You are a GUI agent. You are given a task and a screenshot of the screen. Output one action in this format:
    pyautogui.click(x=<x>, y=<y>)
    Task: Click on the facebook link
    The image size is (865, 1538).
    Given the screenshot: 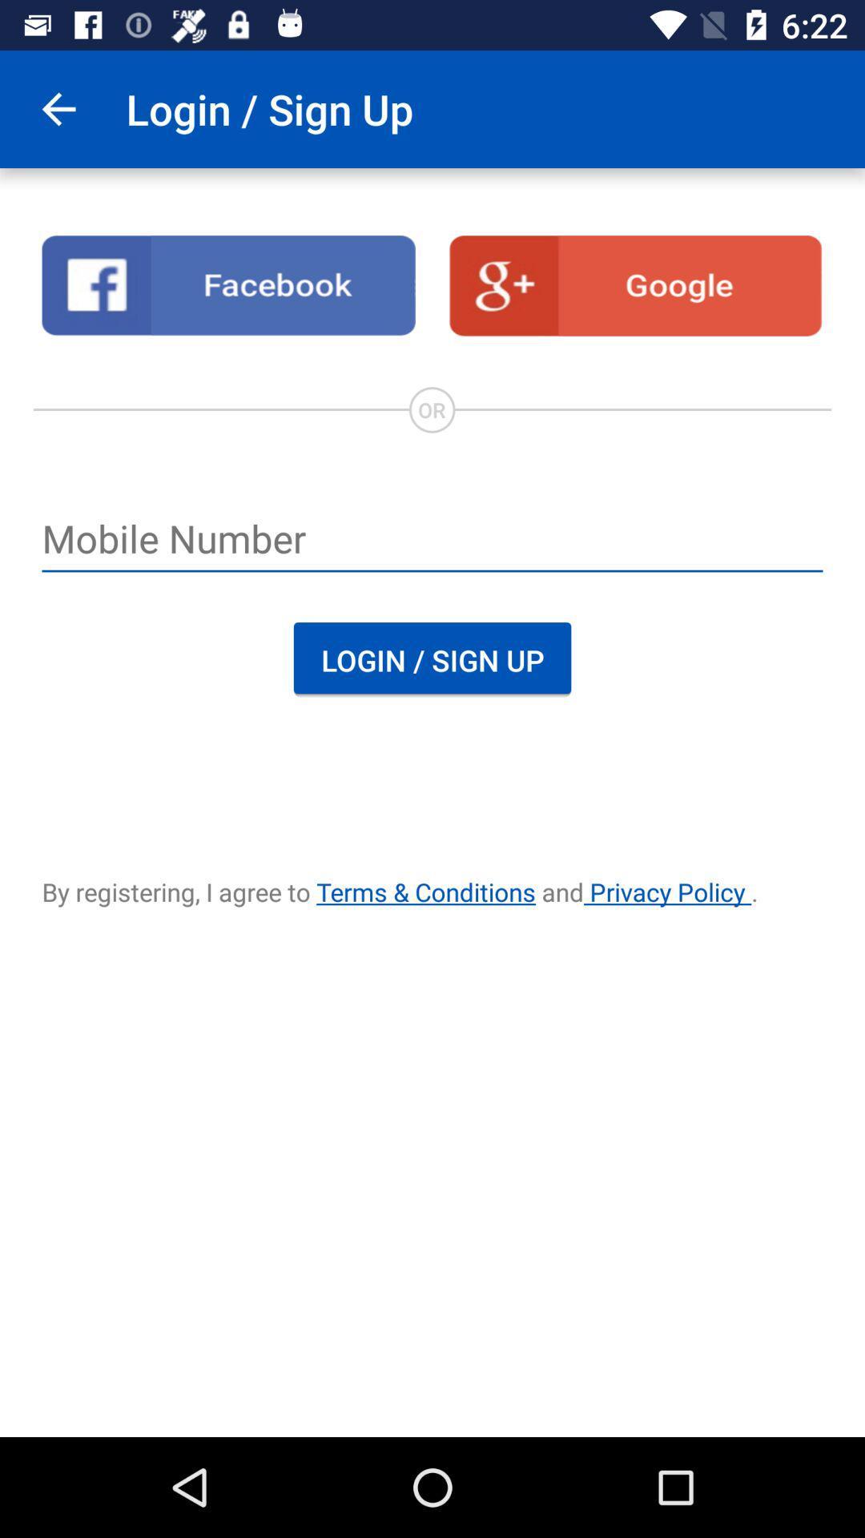 What is the action you would take?
    pyautogui.click(x=228, y=285)
    